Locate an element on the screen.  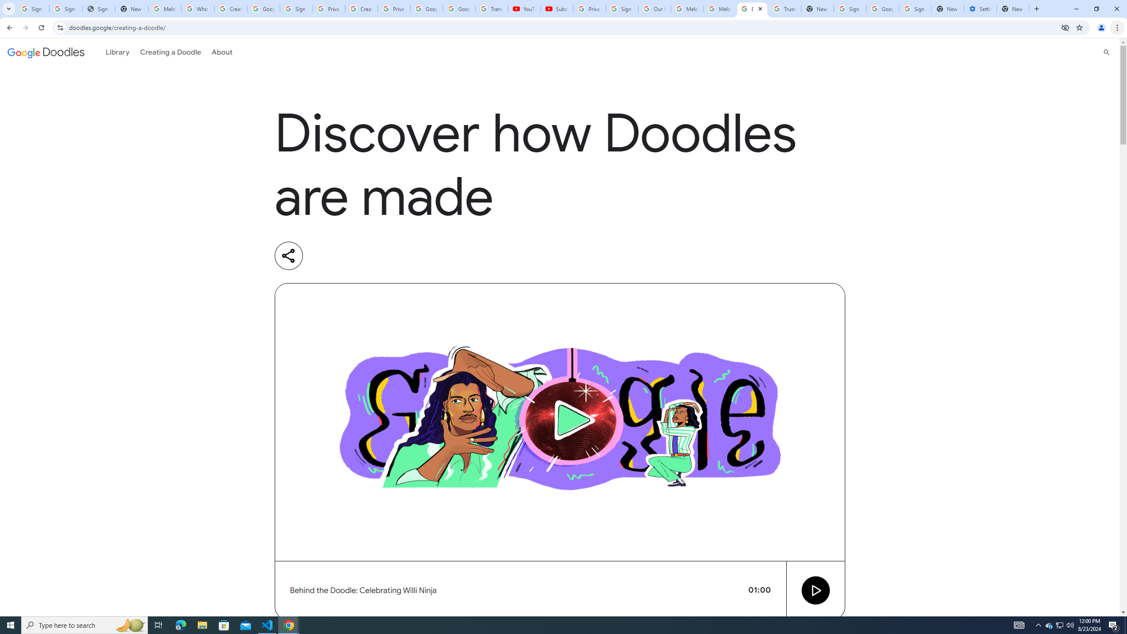
'Video preview image' is located at coordinates (560, 422).